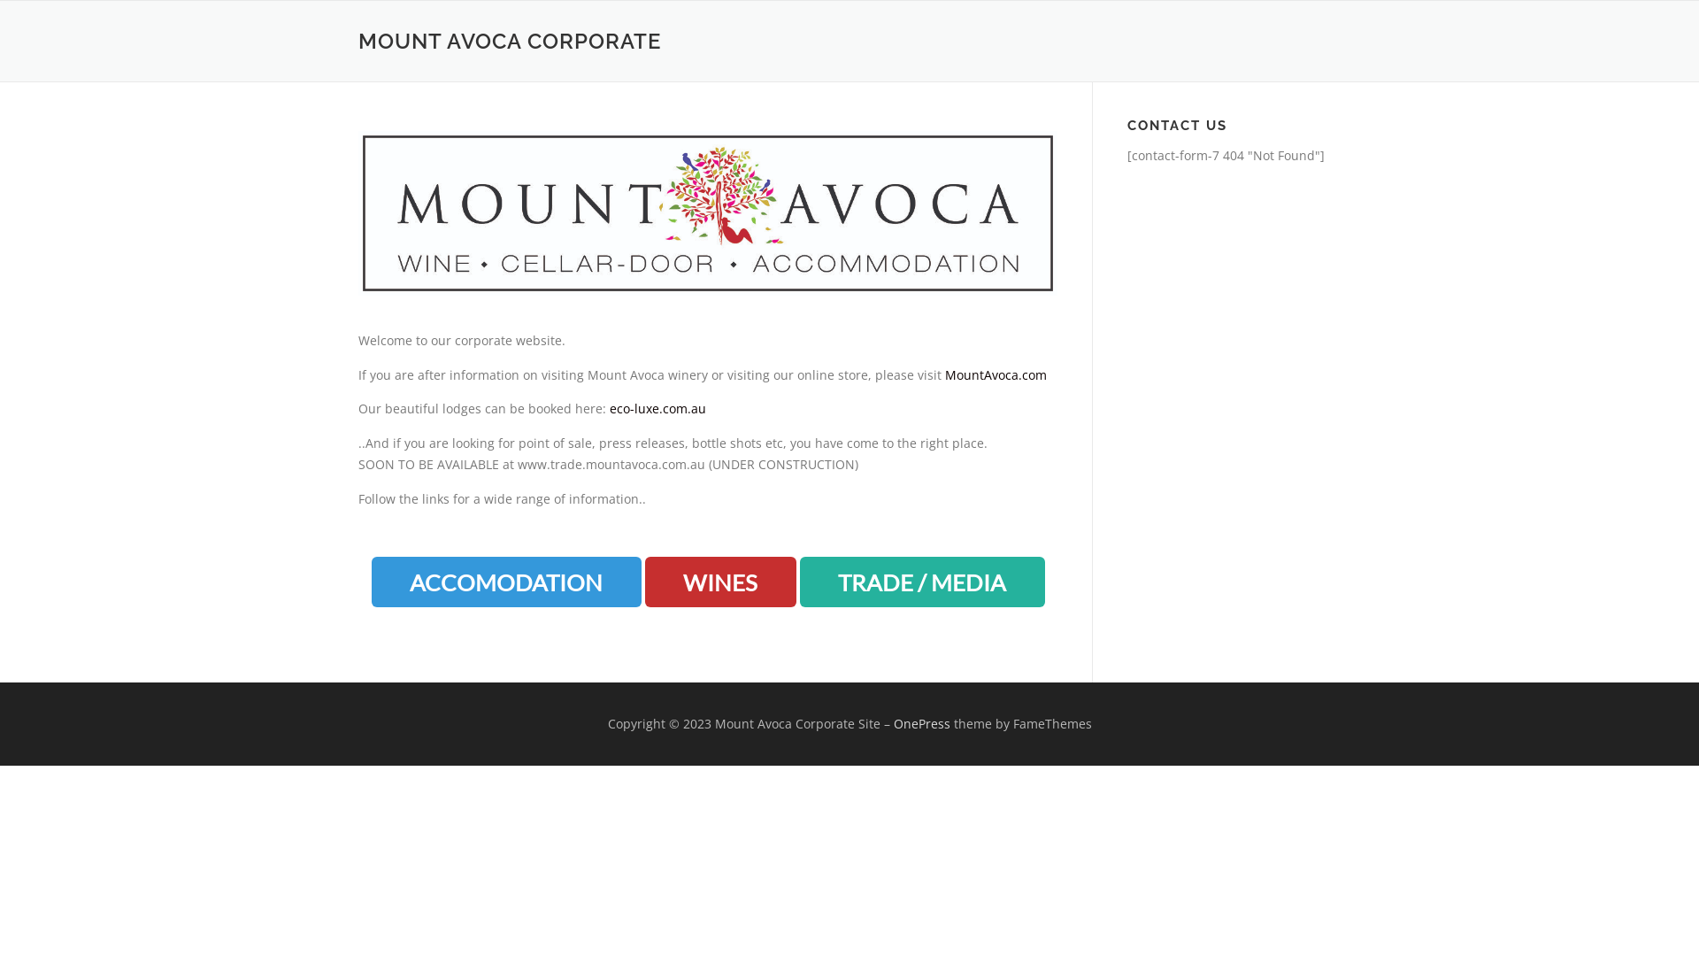 This screenshot has width=1699, height=956. Describe the element at coordinates (920, 723) in the screenshot. I see `'OnePress'` at that location.